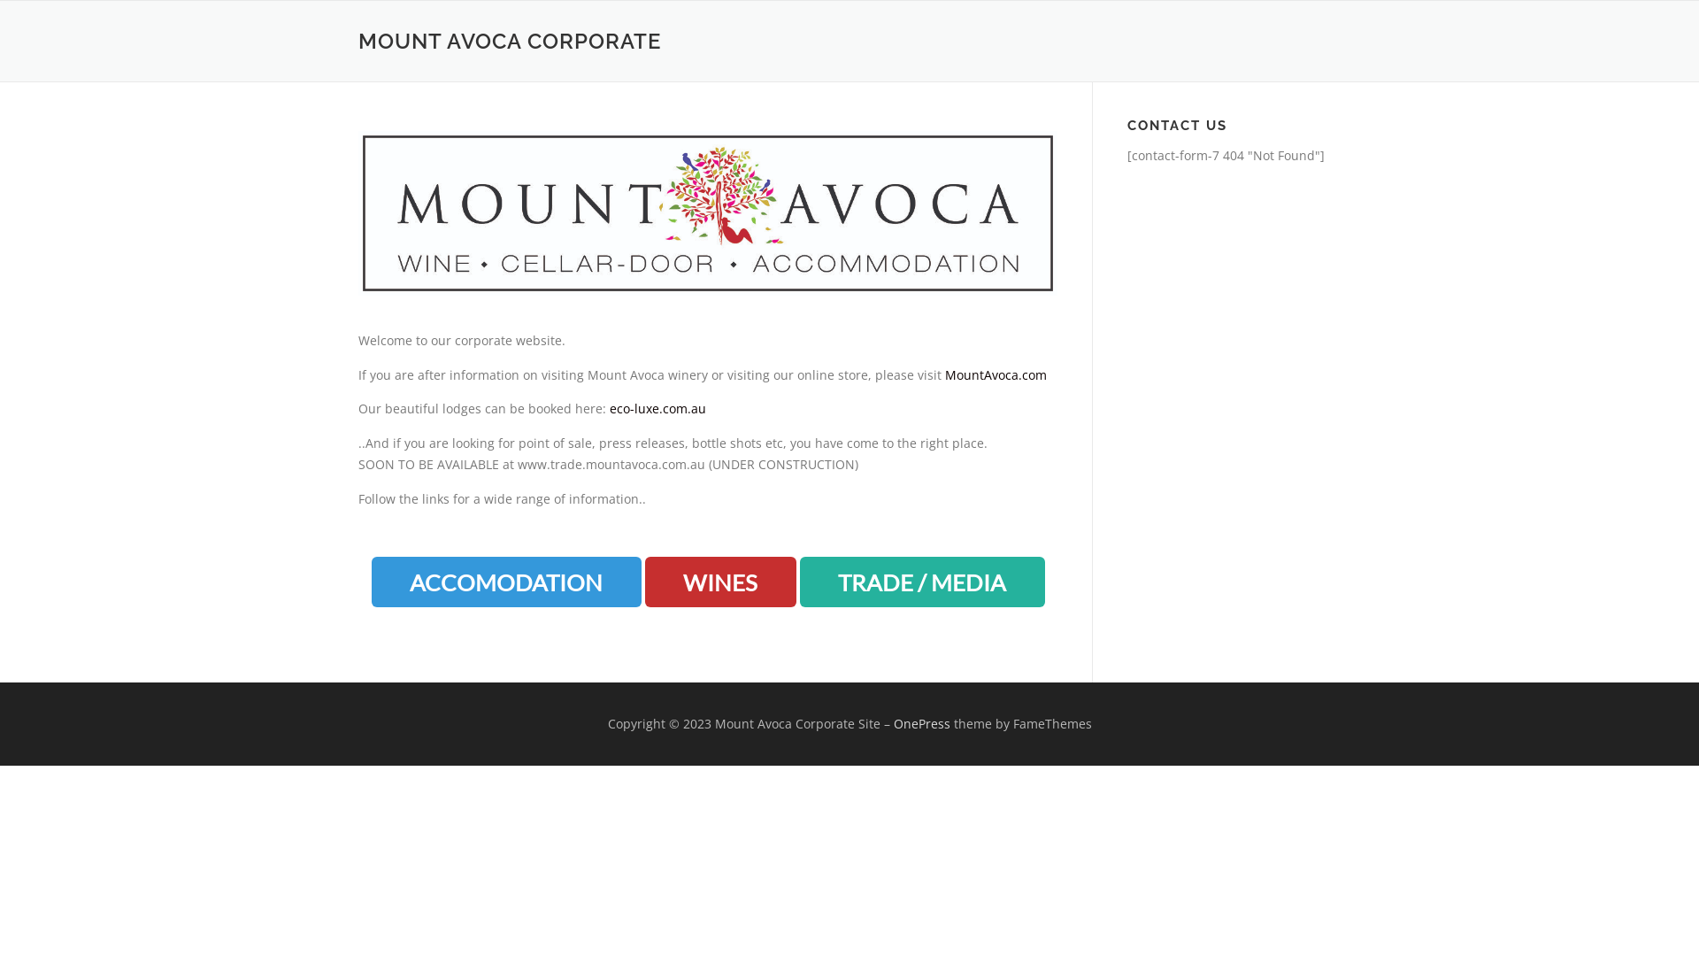 This screenshot has width=1699, height=956. Describe the element at coordinates (920, 723) in the screenshot. I see `'OnePress'` at that location.